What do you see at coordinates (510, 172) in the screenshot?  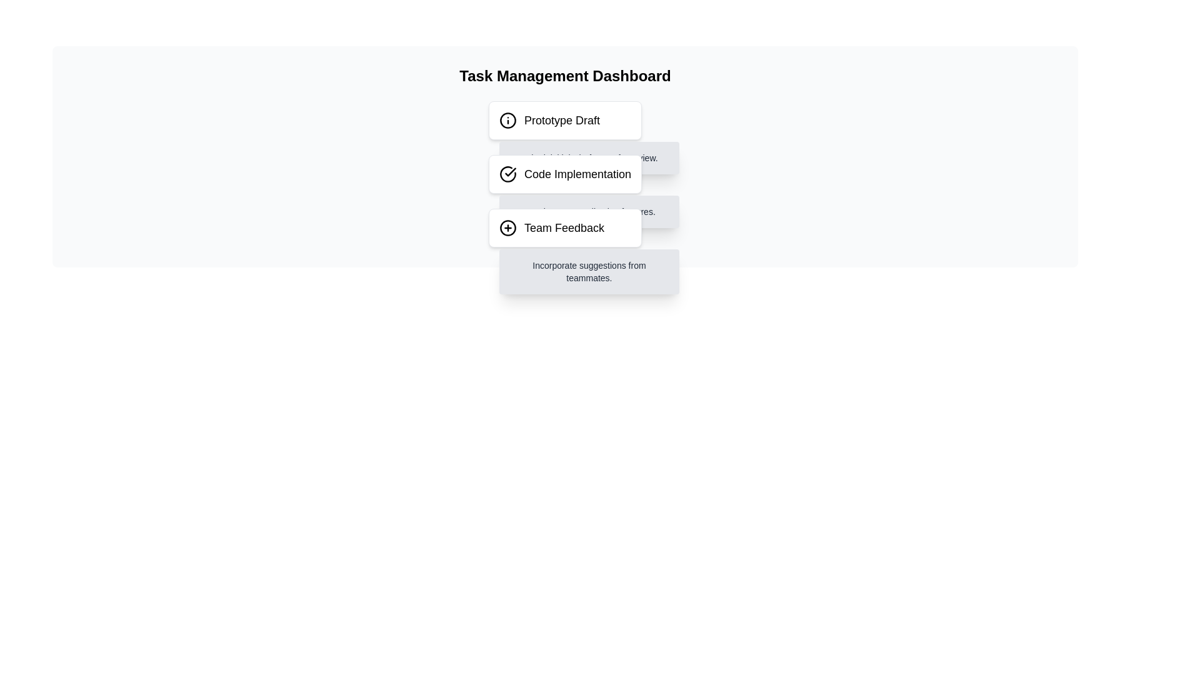 I see `checkmark icon indicating a completed state for the 'Code Implementation' task located in the lower right quadrant of the circular graphic` at bounding box center [510, 172].